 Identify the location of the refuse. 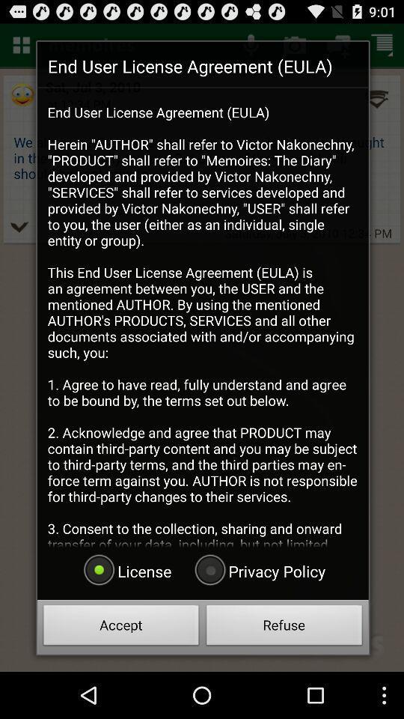
(284, 627).